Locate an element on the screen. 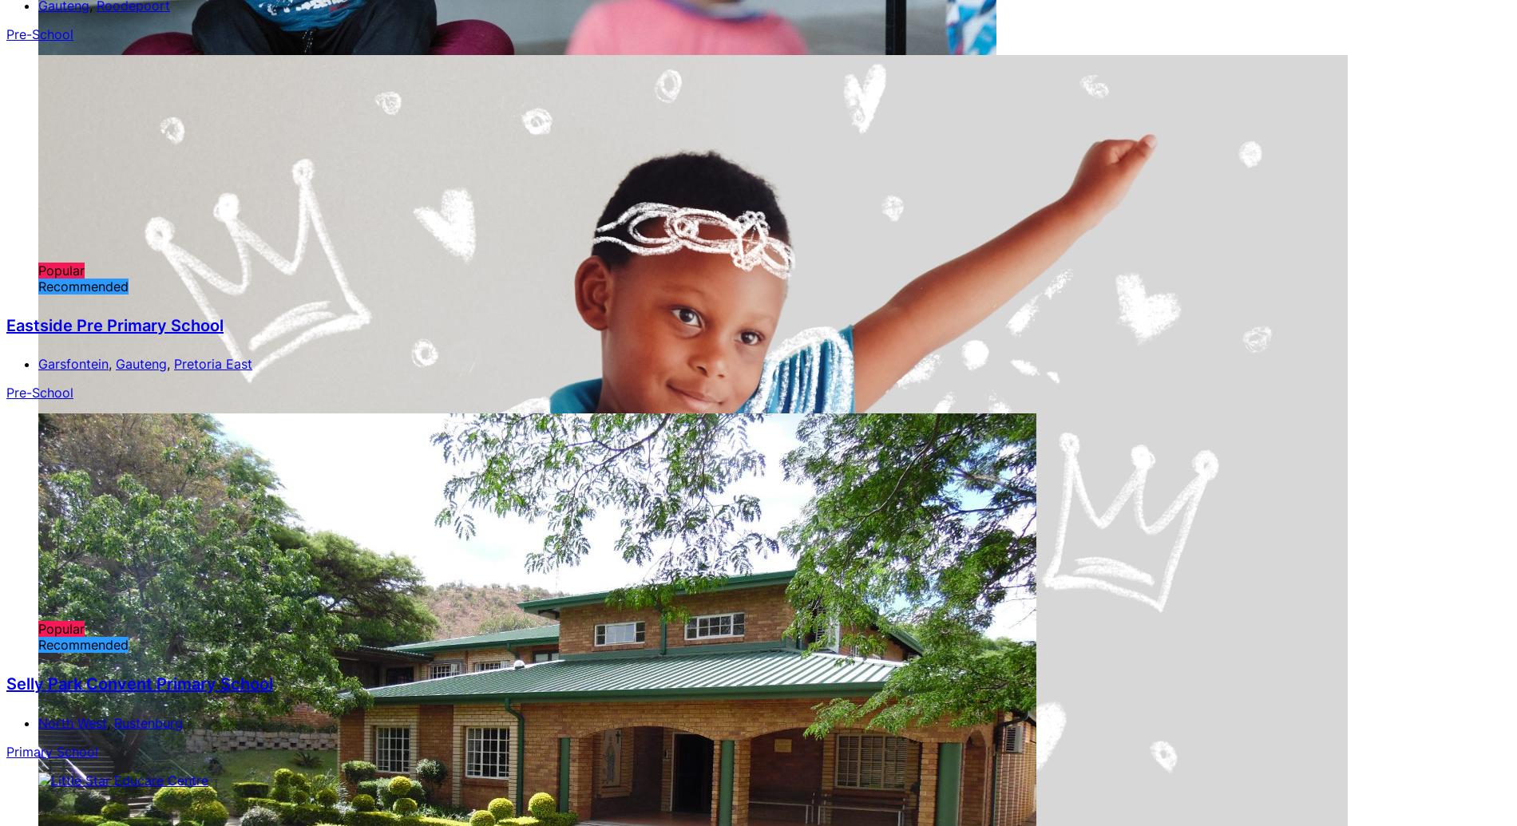  'Selly Park Convent Primary School' is located at coordinates (139, 682).